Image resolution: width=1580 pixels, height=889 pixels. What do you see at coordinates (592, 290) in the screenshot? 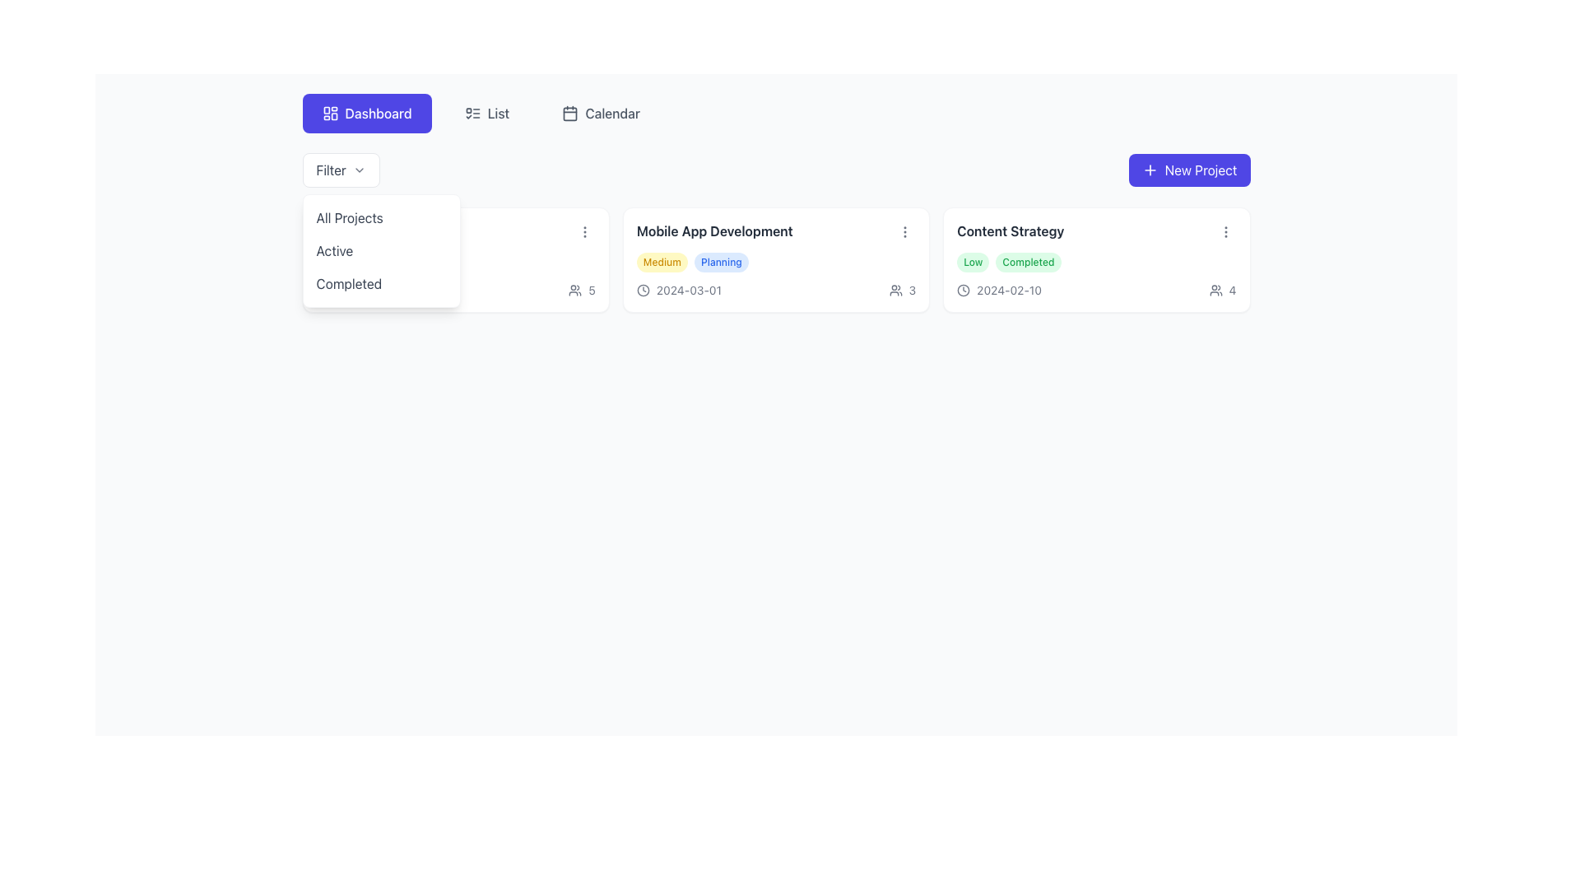
I see `text content displayed in the bottom right of the card layout, which indicates a numerical count associated with a group icon` at bounding box center [592, 290].